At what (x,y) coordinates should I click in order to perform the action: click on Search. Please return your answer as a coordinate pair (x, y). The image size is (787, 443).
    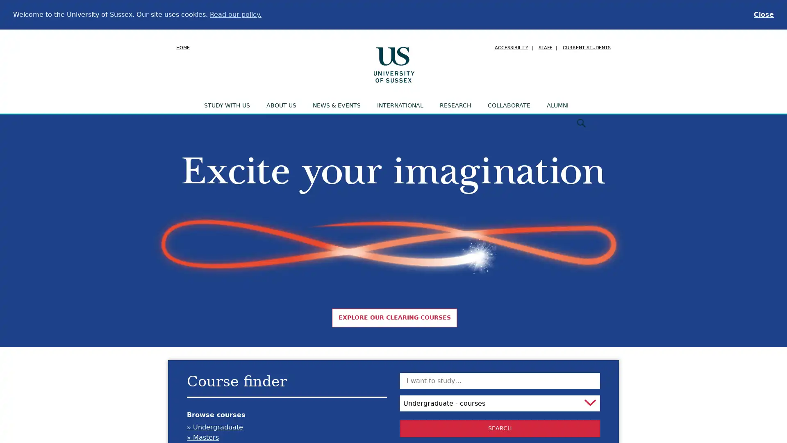
    Looking at the image, I should click on (499, 428).